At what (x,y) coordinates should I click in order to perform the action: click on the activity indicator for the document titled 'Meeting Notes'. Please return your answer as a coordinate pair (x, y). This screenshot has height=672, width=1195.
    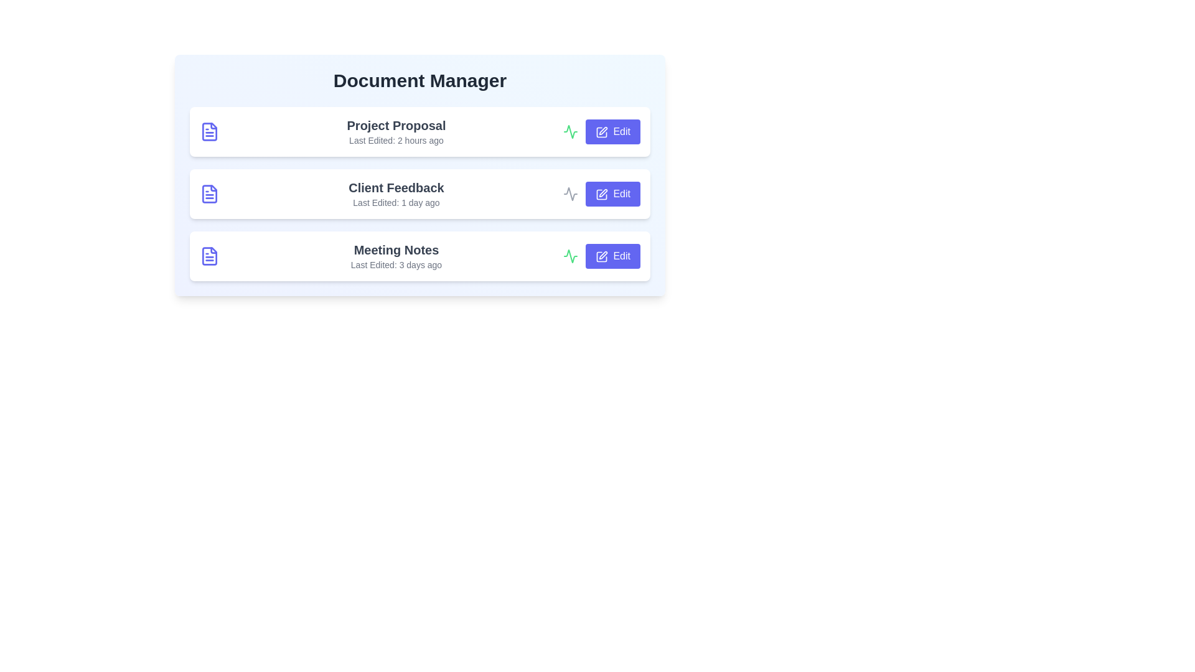
    Looking at the image, I should click on (569, 256).